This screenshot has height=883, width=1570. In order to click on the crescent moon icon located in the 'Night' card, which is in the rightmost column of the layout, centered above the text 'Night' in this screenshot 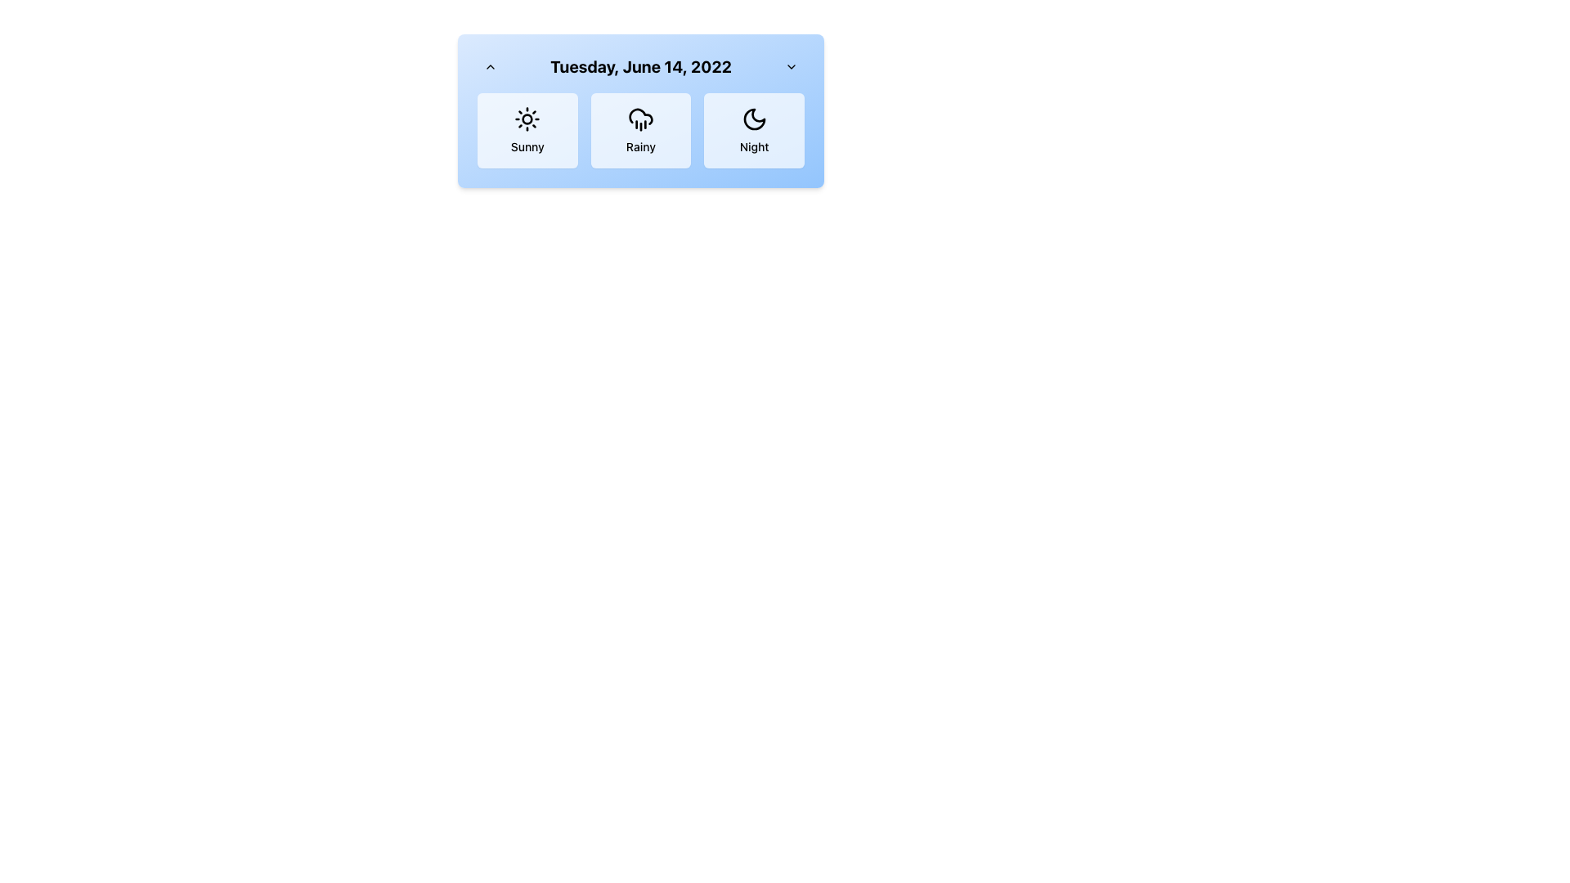, I will do `click(753, 119)`.